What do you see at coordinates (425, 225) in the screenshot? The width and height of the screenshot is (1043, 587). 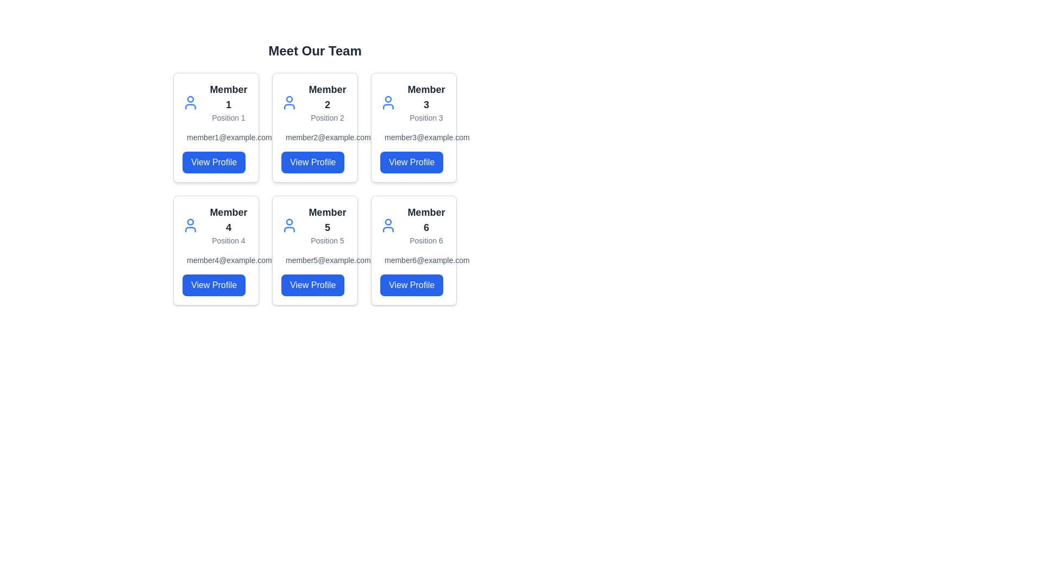 I see `the Text Display element that shows 'Member 6' and 'Position 6', located in the bottom-right card of a 3x2 grid` at bounding box center [425, 225].